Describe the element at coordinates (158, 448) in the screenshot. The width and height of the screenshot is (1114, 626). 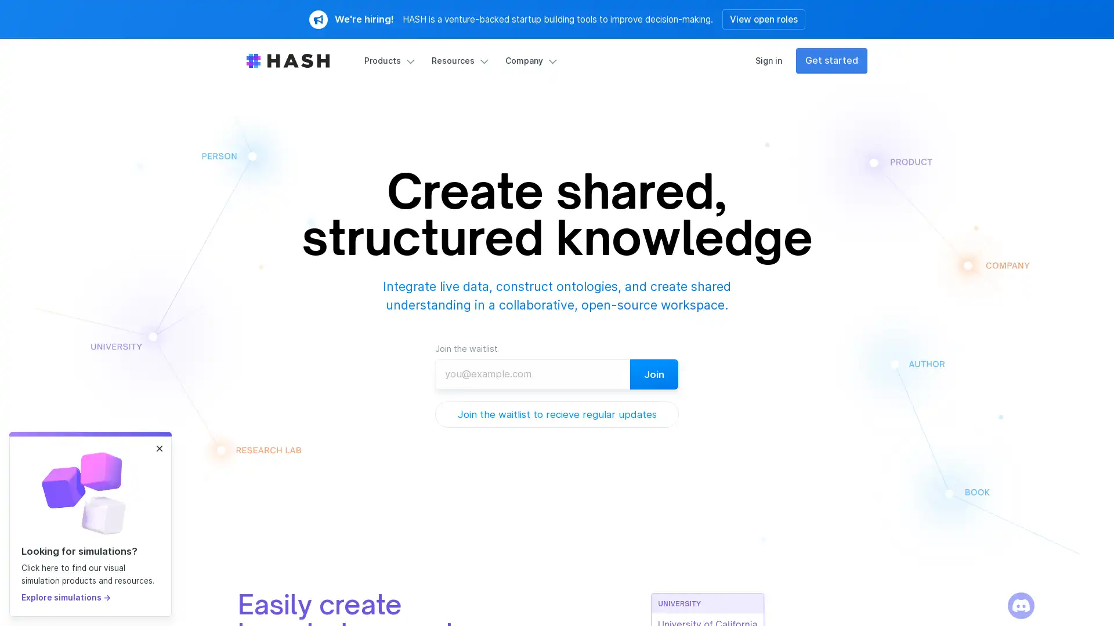
I see `Close` at that location.